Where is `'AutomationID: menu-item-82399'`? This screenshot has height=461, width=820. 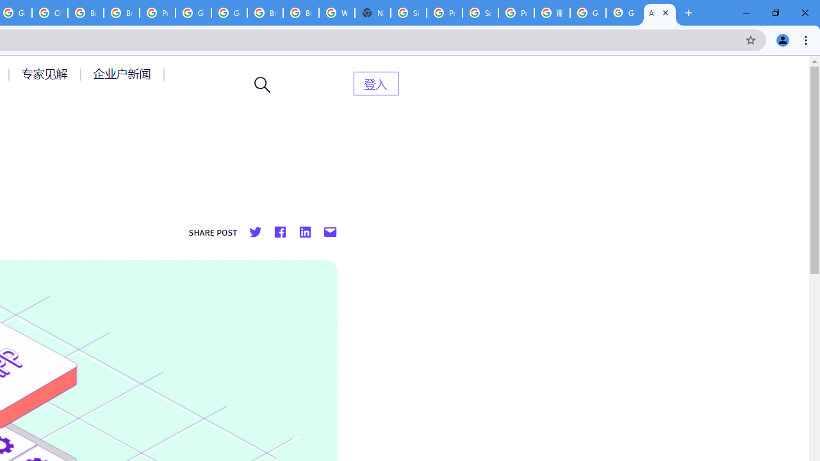 'AutomationID: menu-item-82399' is located at coordinates (375, 83).